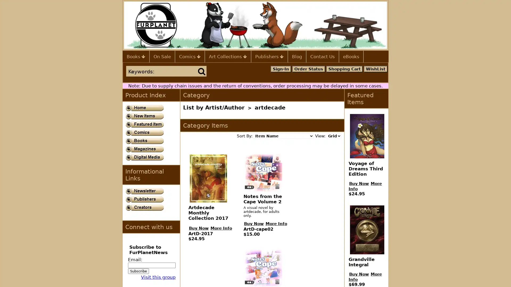 This screenshot has width=511, height=287. What do you see at coordinates (138, 271) in the screenshot?
I see `Subscribe` at bounding box center [138, 271].